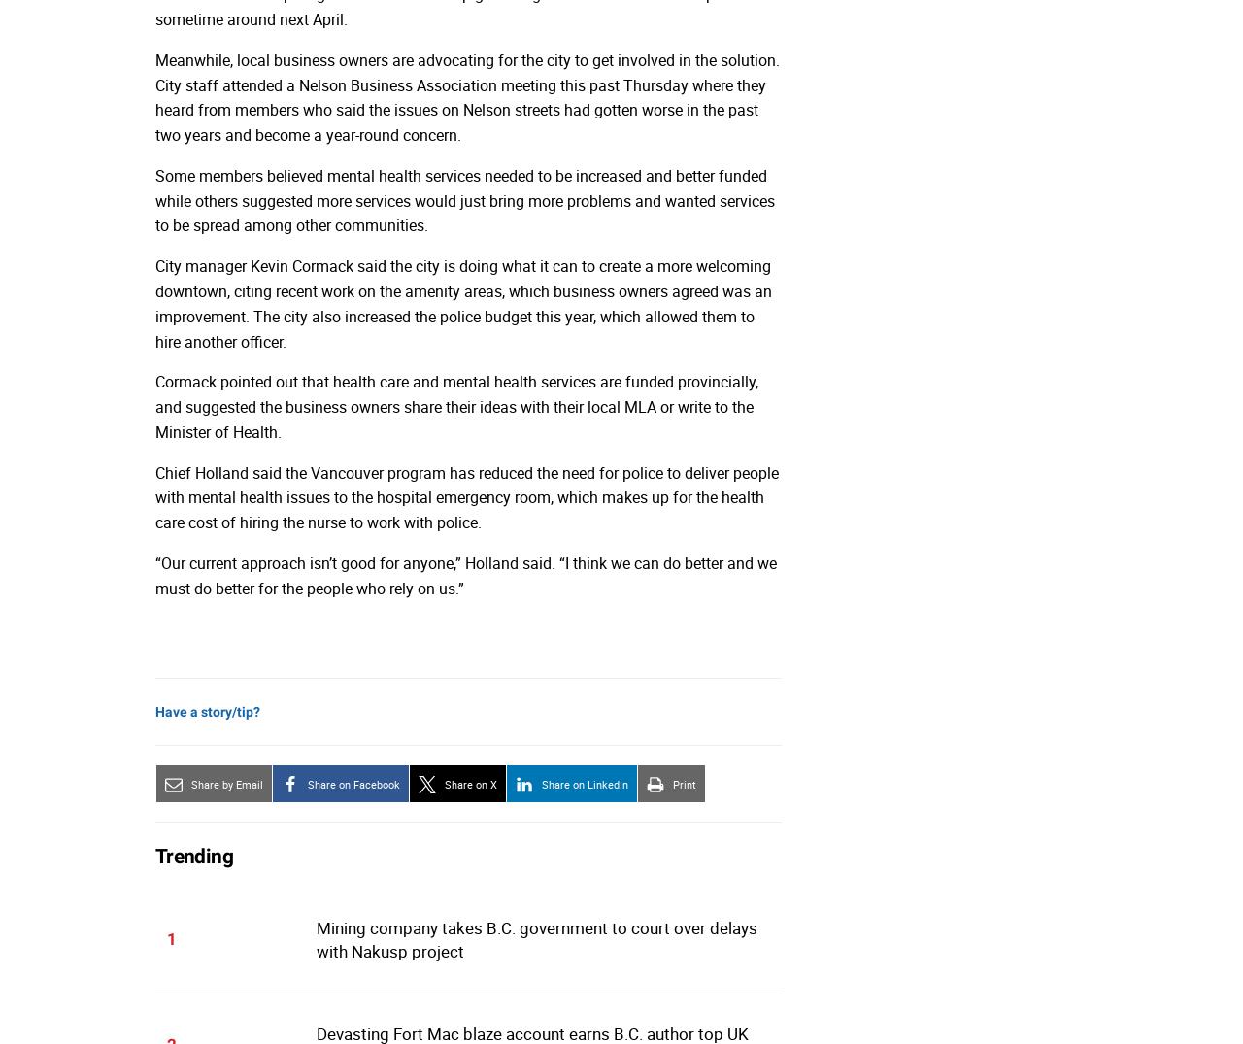 This screenshot has height=1044, width=1243. What do you see at coordinates (315, 939) in the screenshot?
I see `'Mining company takes B.C. government to court over delays with Nakusp project'` at bounding box center [315, 939].